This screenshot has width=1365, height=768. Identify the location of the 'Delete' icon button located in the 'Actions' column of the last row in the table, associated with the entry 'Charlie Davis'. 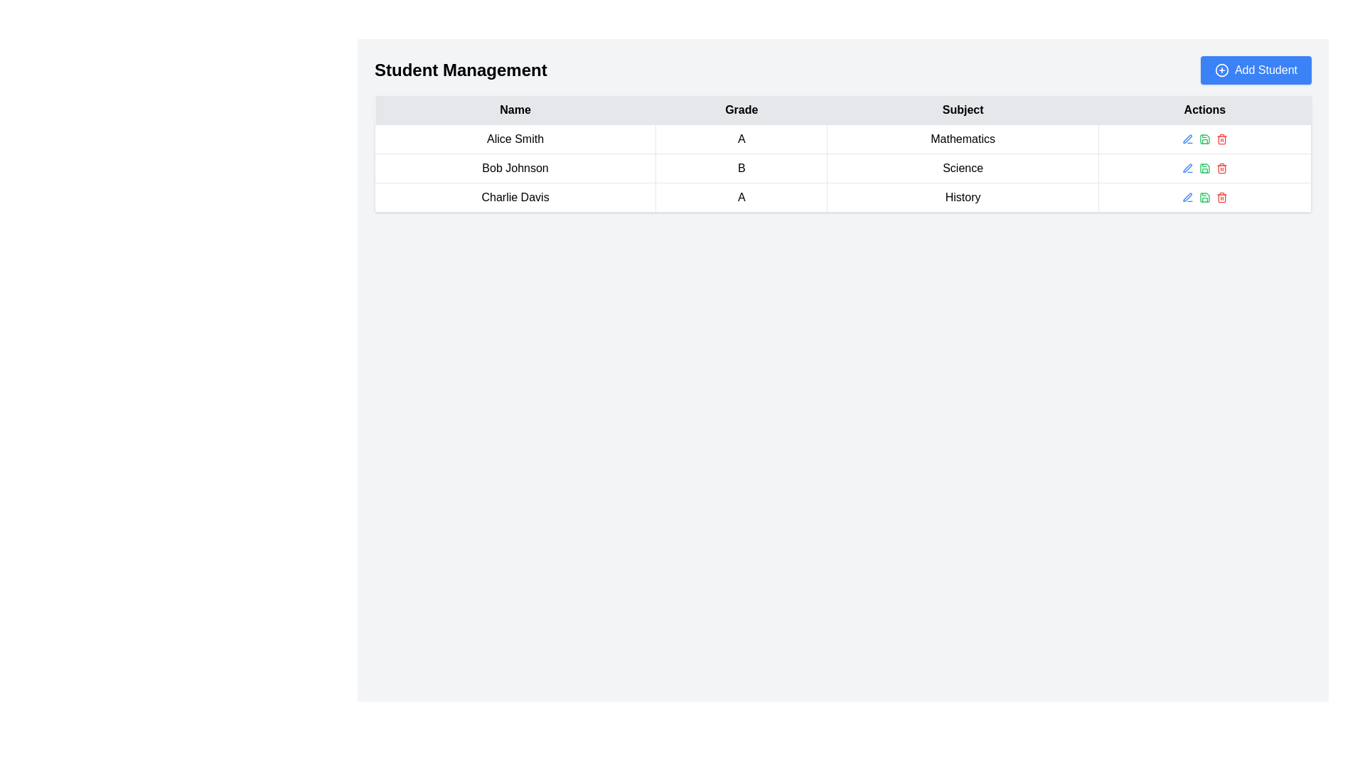
(1221, 169).